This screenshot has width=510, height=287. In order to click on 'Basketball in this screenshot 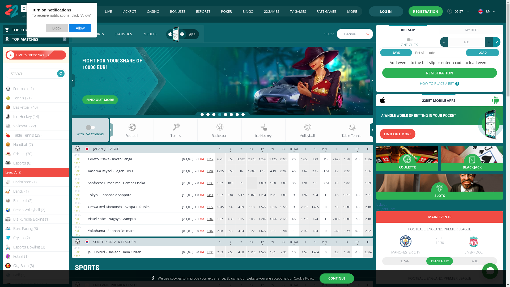, I will do `click(35, 107)`.